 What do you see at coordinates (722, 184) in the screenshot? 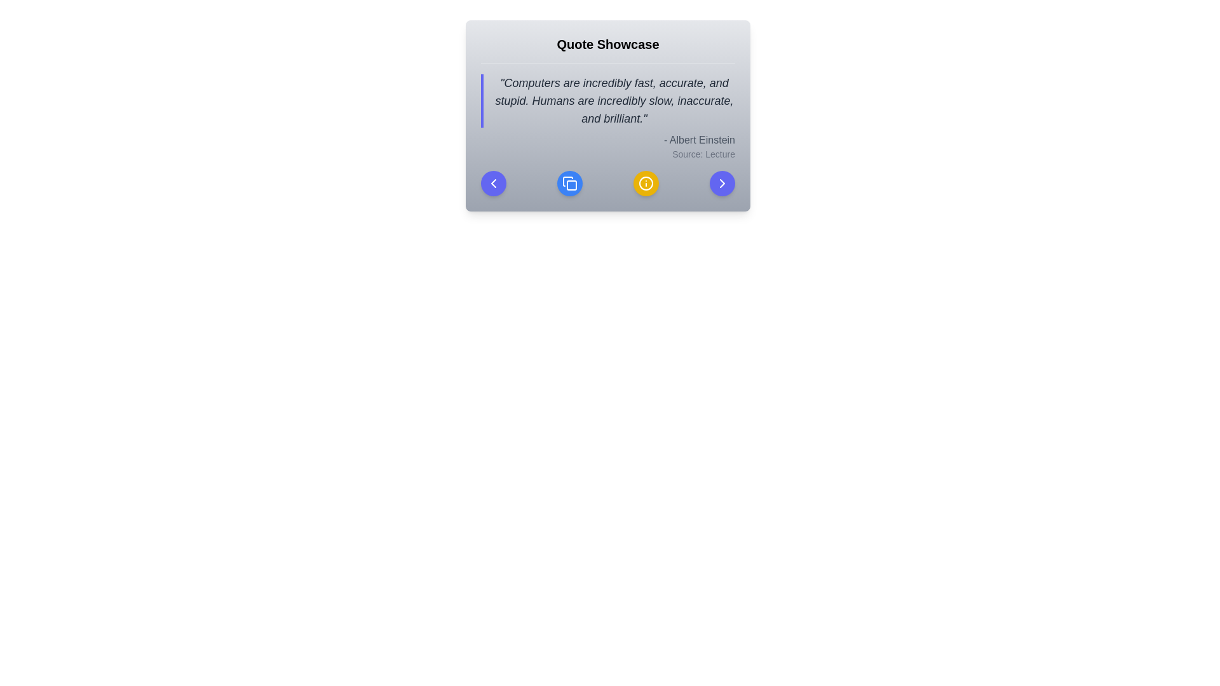
I see `the right-pointing chevron icon, which is styled as an SVG graphic in white and located at the center of a circular indigo button at the bottom-right corner of a card layout, to potentially reveal a tooltip` at bounding box center [722, 184].